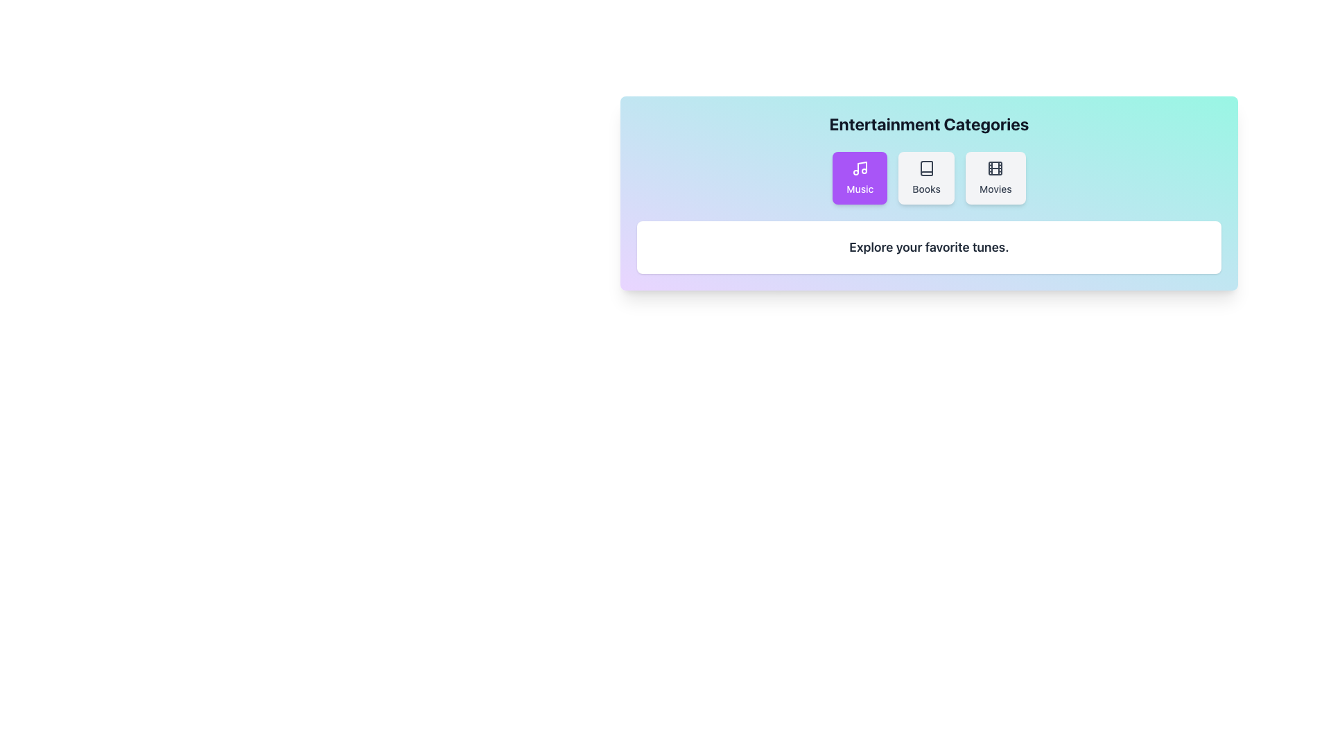  I want to click on the 'Music' icon in the 'Entertainment Categories' section, which has a purple background and is the leftmost button for accessing music-related features, so click(858, 168).